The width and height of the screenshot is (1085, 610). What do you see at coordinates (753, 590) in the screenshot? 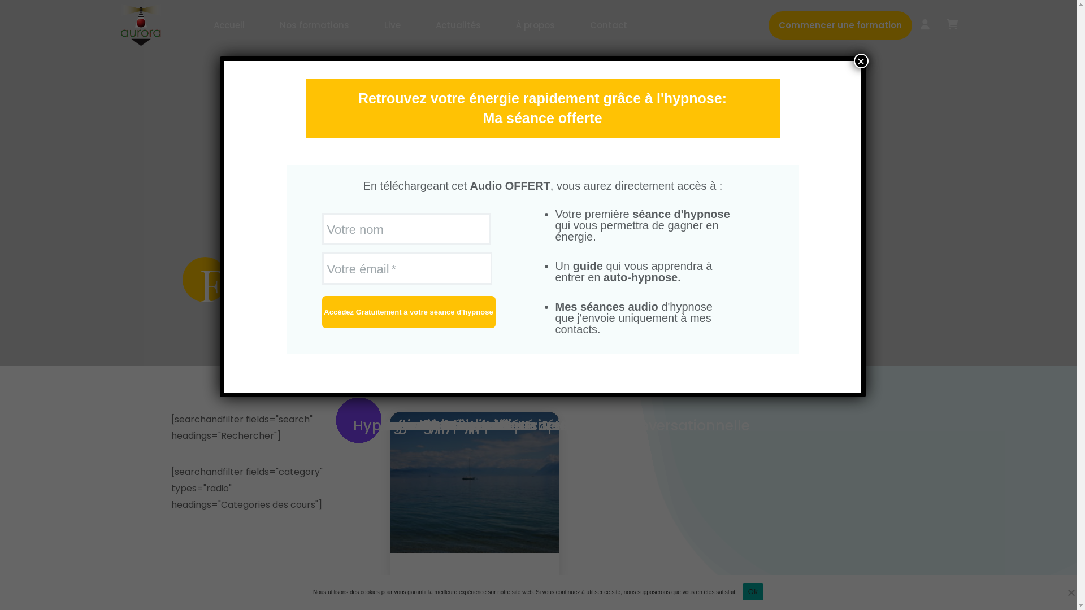
I see `'Ok'` at bounding box center [753, 590].